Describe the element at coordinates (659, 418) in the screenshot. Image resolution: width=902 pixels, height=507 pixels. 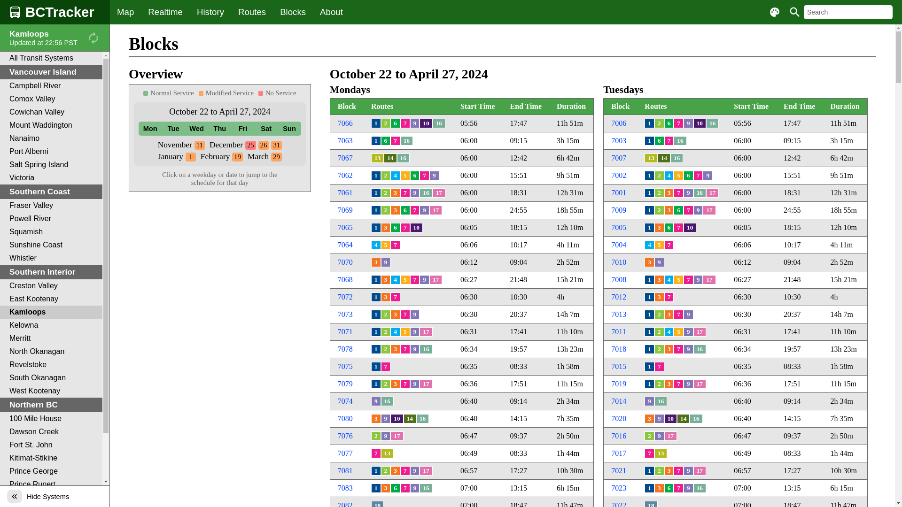
I see `'9'` at that location.